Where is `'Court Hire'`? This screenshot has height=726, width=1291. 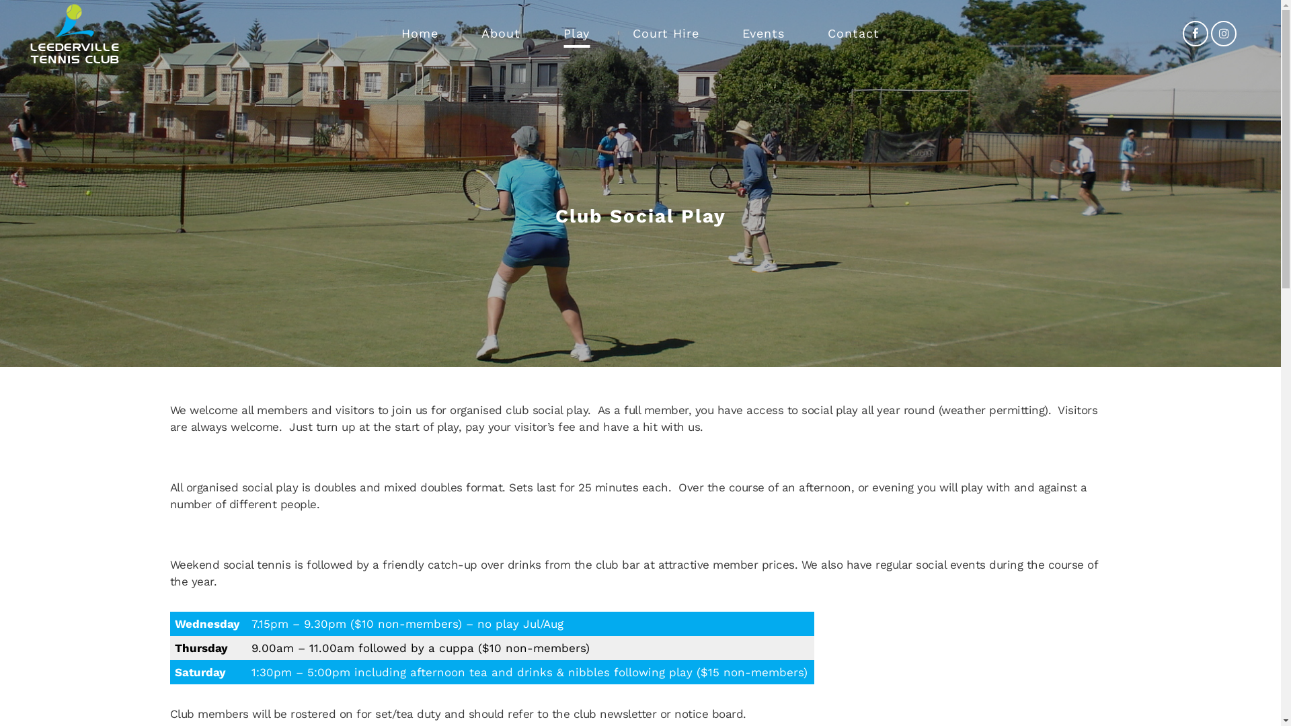 'Court Hire' is located at coordinates (666, 33).